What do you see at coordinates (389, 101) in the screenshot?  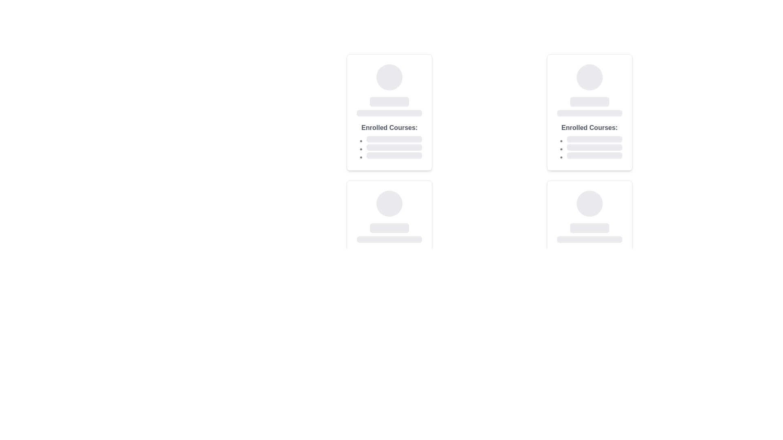 I see `the Placeholder UI loader, which indicates a loading state and serves as a visual cue for content yet to be populated` at bounding box center [389, 101].